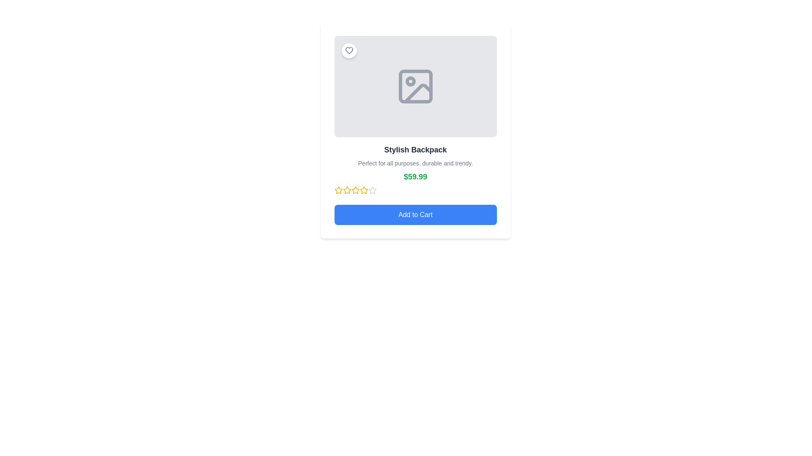 The width and height of the screenshot is (812, 456). What do you see at coordinates (410, 81) in the screenshot?
I see `the non-interactive decorative dot or marker within the image placeholder icon above the title 'Stylish Backpack'` at bounding box center [410, 81].